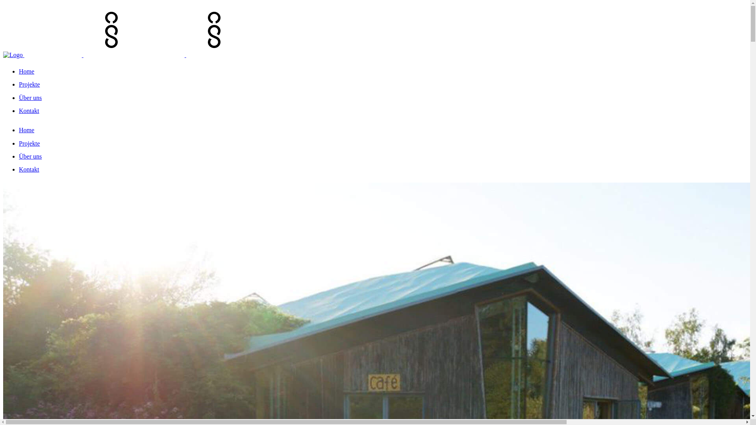 The height and width of the screenshot is (425, 756). What do you see at coordinates (26, 129) in the screenshot?
I see `'Home'` at bounding box center [26, 129].